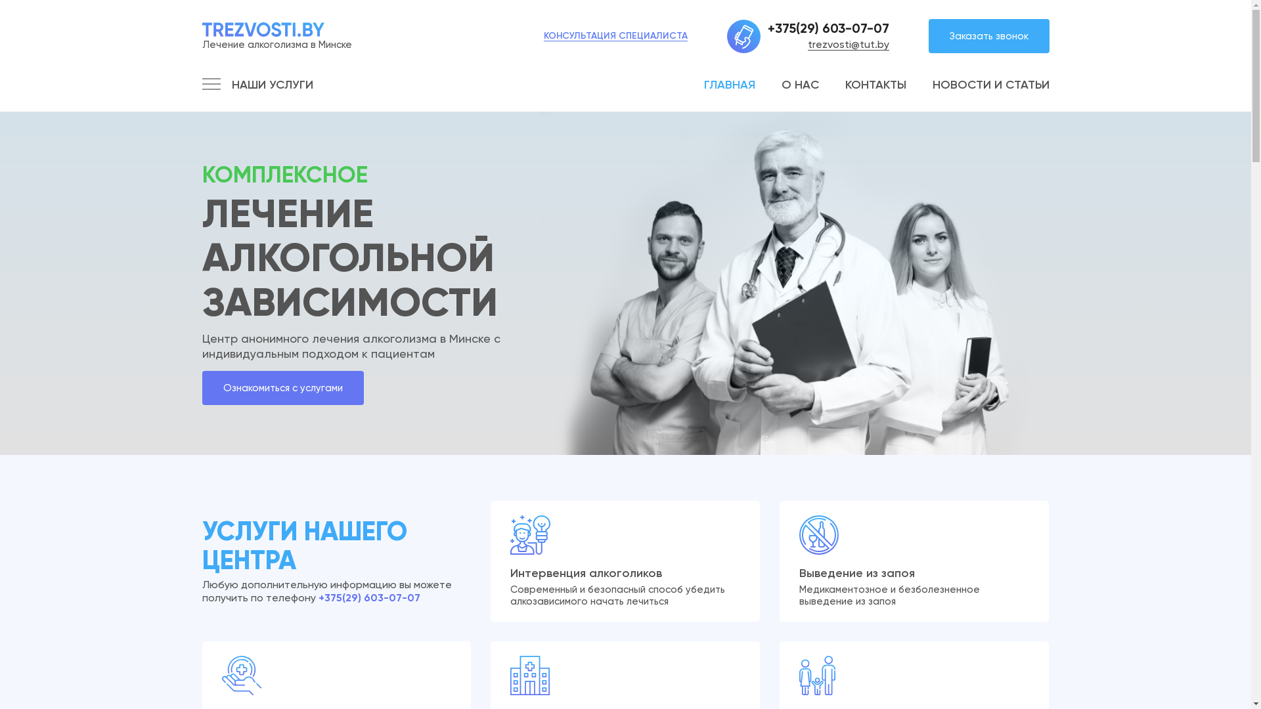  I want to click on '+375(29) 603-07-07', so click(368, 597).